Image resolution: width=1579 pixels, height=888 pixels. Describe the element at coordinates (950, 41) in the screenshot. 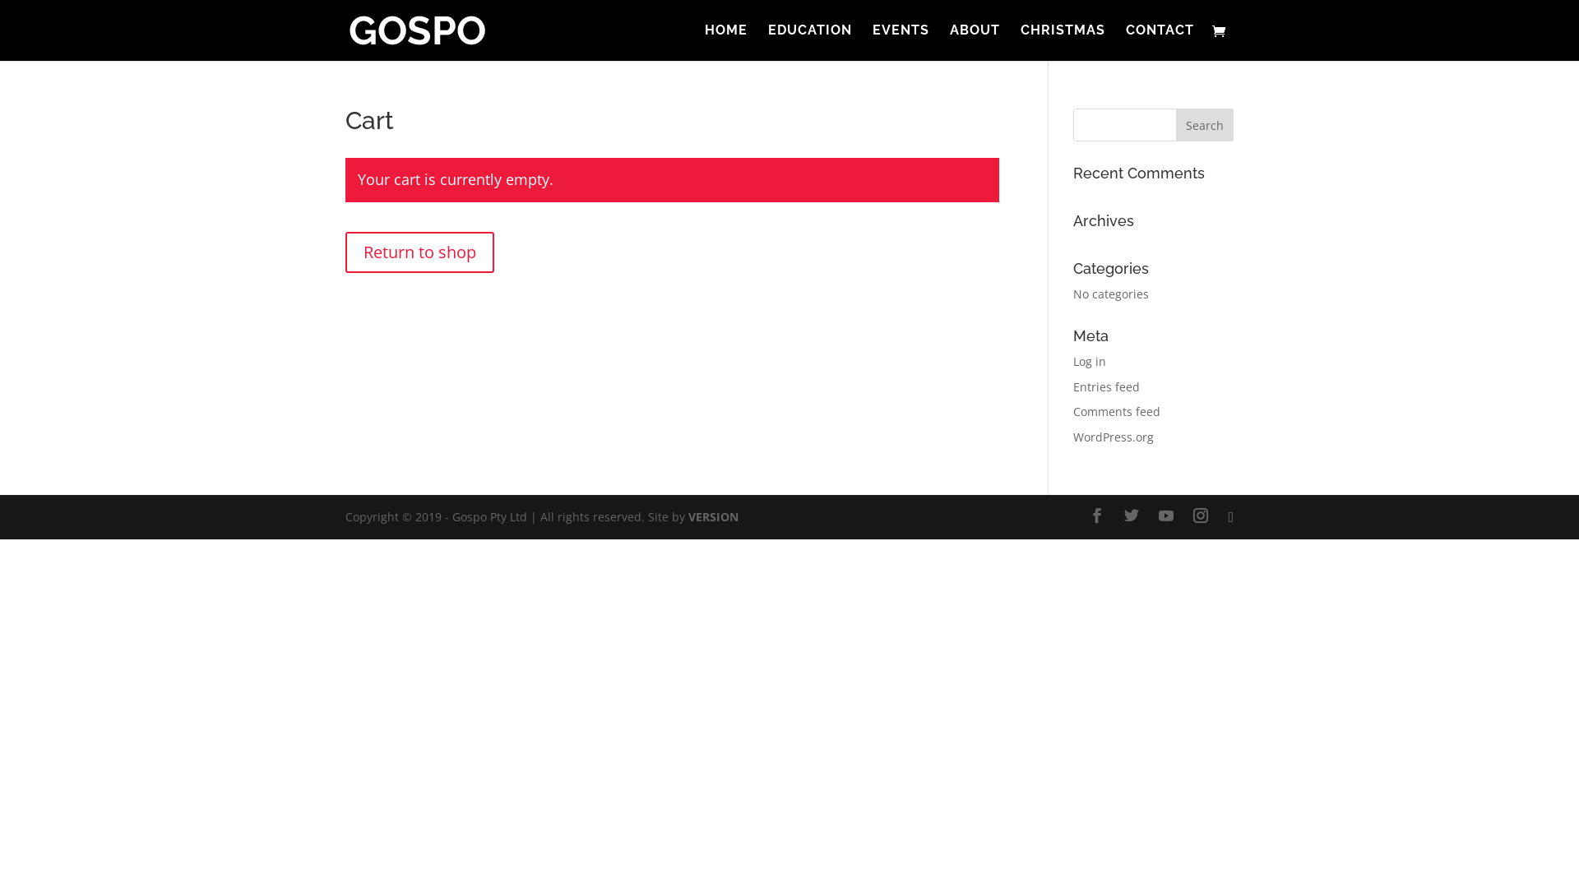

I see `'ABOUT'` at that location.